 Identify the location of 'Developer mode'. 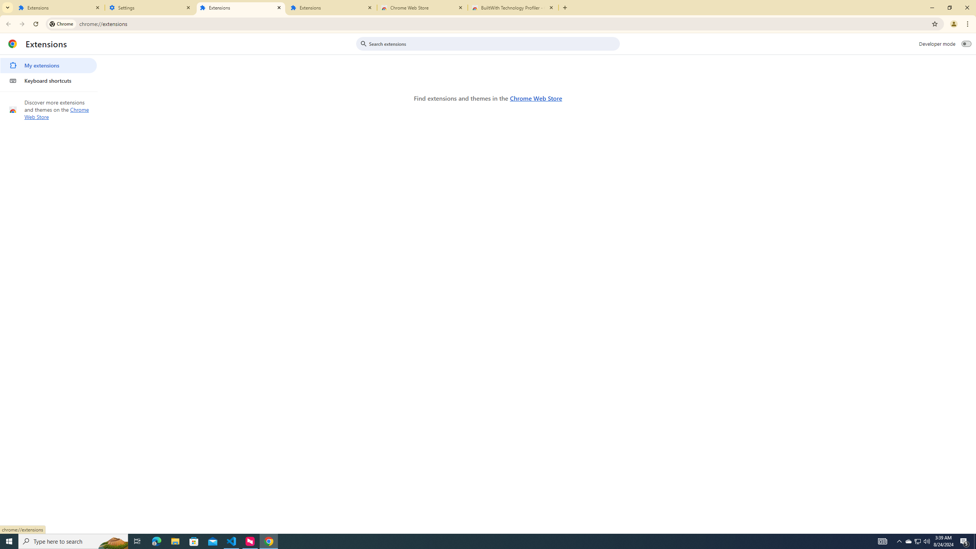
(966, 43).